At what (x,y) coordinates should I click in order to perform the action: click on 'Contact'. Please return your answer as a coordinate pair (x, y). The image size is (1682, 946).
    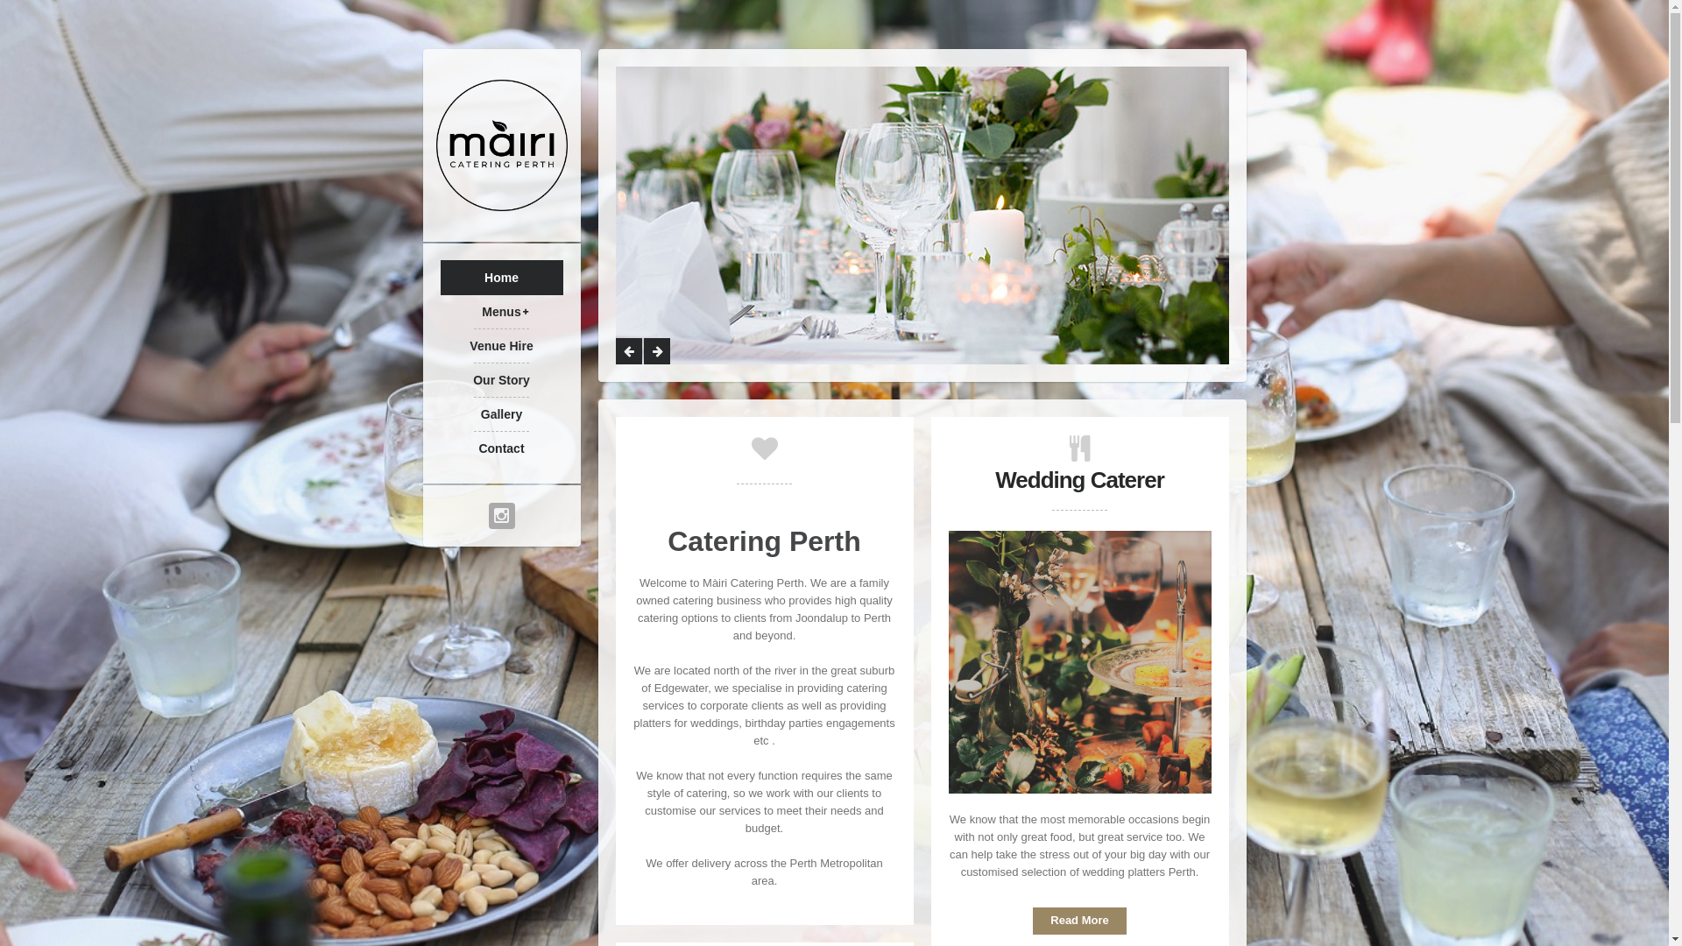
    Looking at the image, I should click on (499, 448).